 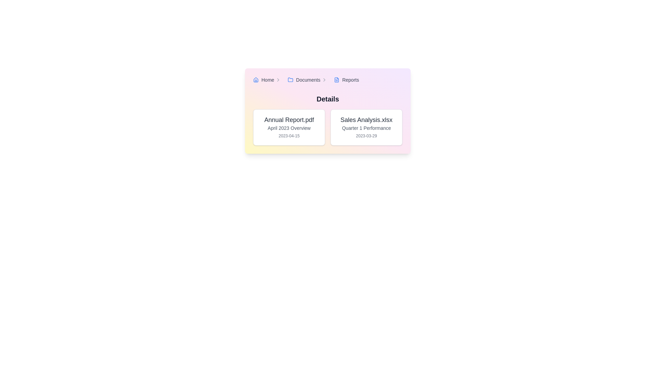 I want to click on the blue document-shaped icon in the breadcrumb navigation bar that signifies the 'Reports' section, so click(x=337, y=80).